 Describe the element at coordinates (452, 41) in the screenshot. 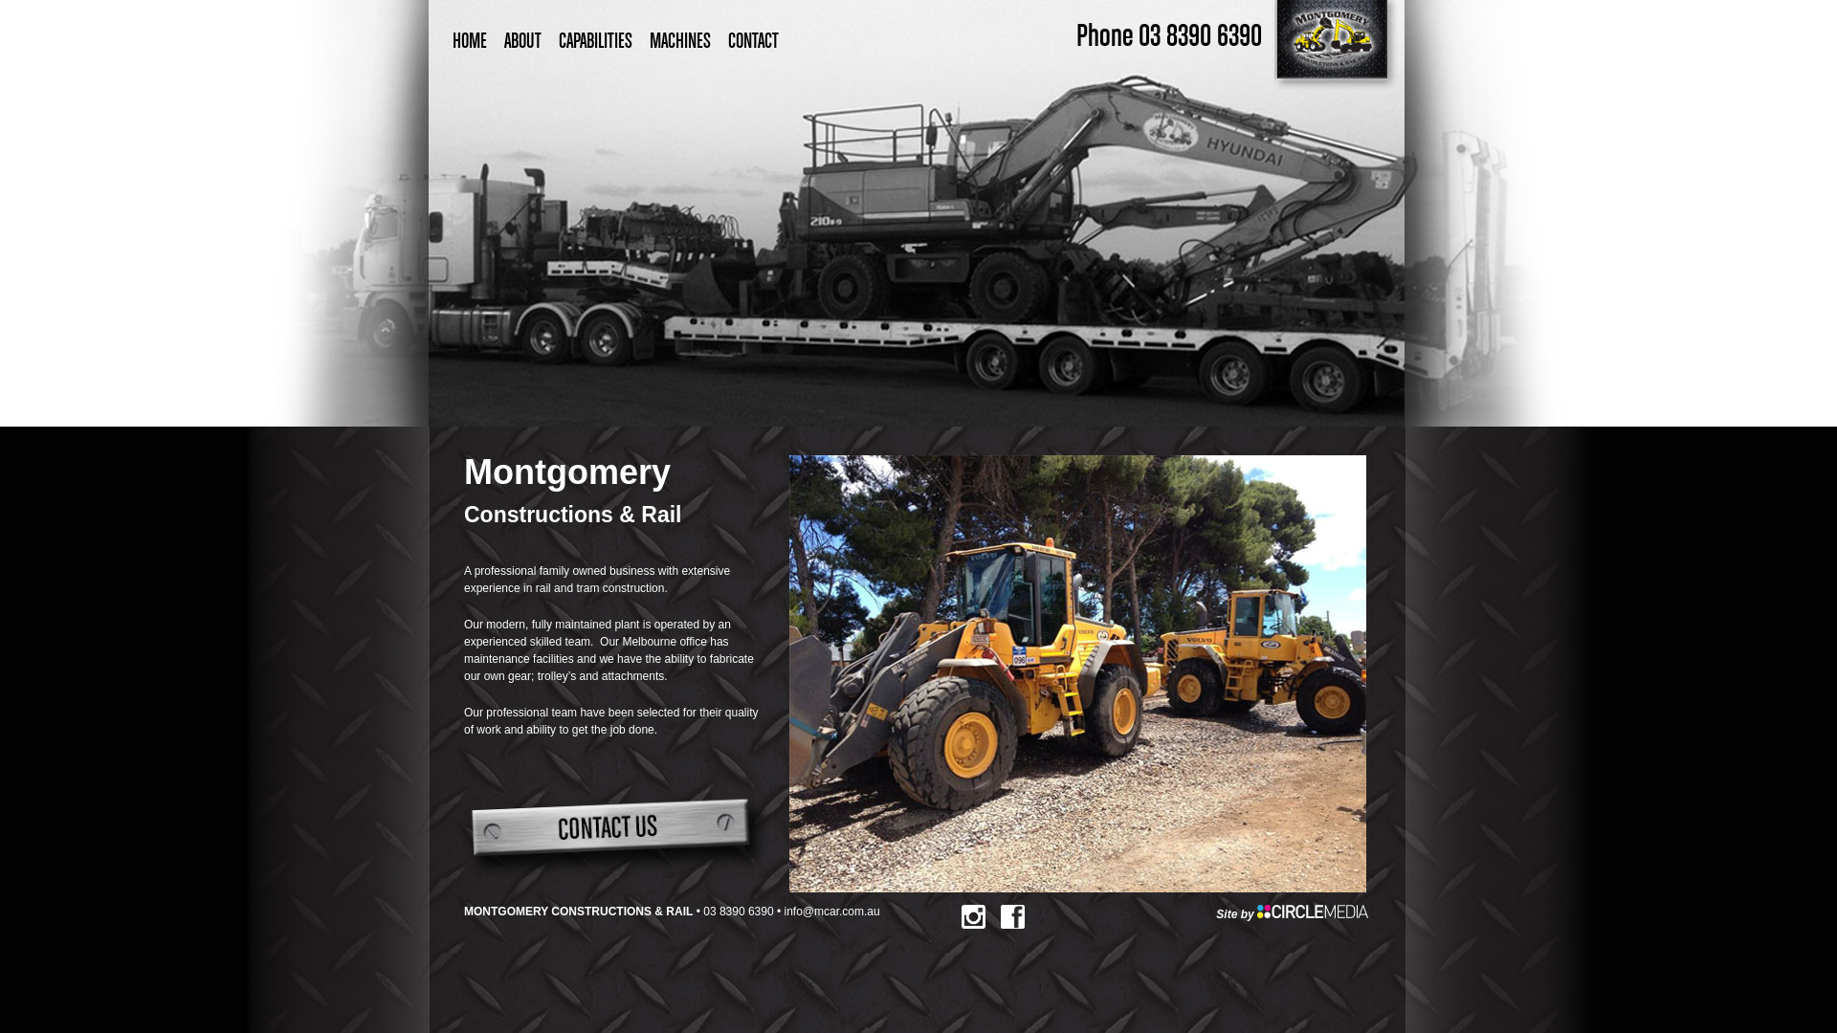

I see `'HOME'` at that location.